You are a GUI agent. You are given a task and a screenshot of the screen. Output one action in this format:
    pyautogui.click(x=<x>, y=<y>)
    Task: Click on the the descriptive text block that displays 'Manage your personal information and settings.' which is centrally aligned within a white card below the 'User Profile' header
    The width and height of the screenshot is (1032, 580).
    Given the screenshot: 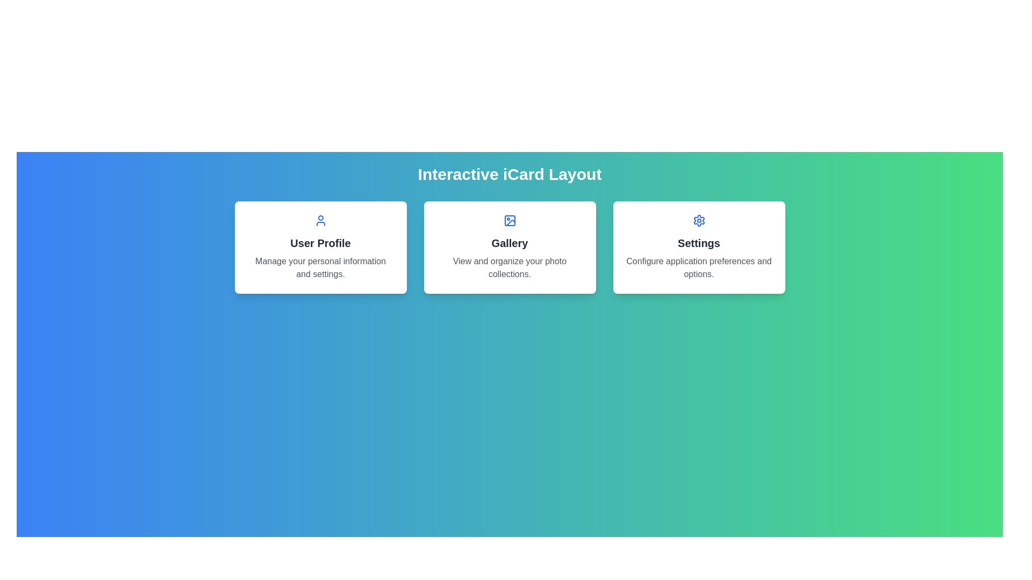 What is the action you would take?
    pyautogui.click(x=320, y=267)
    